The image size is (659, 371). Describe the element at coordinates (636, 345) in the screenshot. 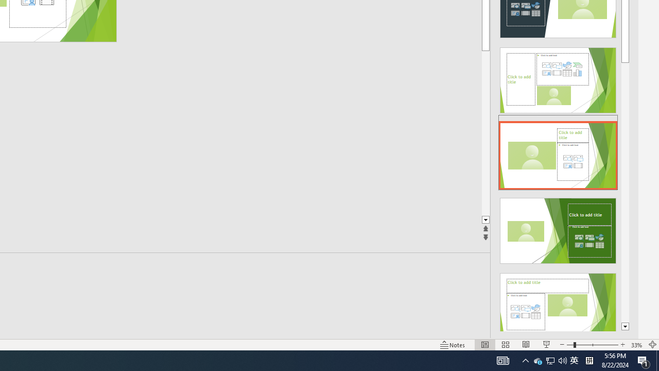

I see `'Zoom 33%'` at that location.